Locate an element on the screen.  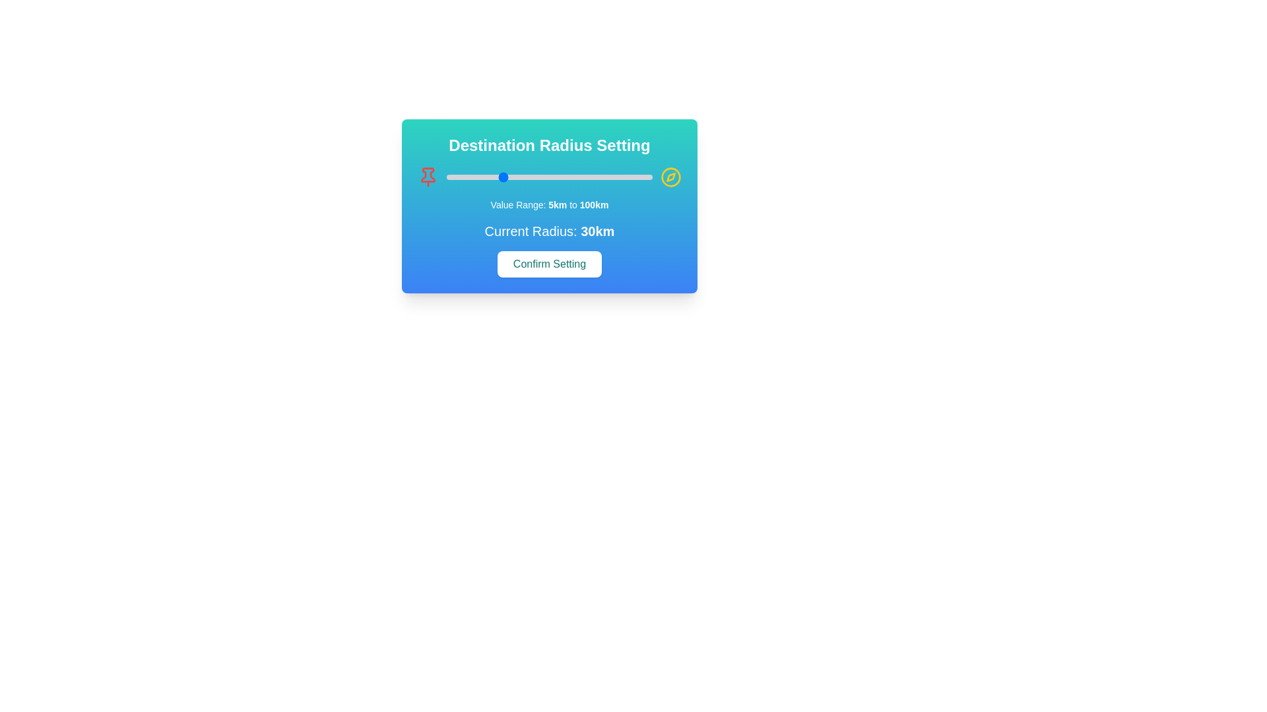
the 'Confirm Setting' button to apply the radius setting is located at coordinates (549, 264).